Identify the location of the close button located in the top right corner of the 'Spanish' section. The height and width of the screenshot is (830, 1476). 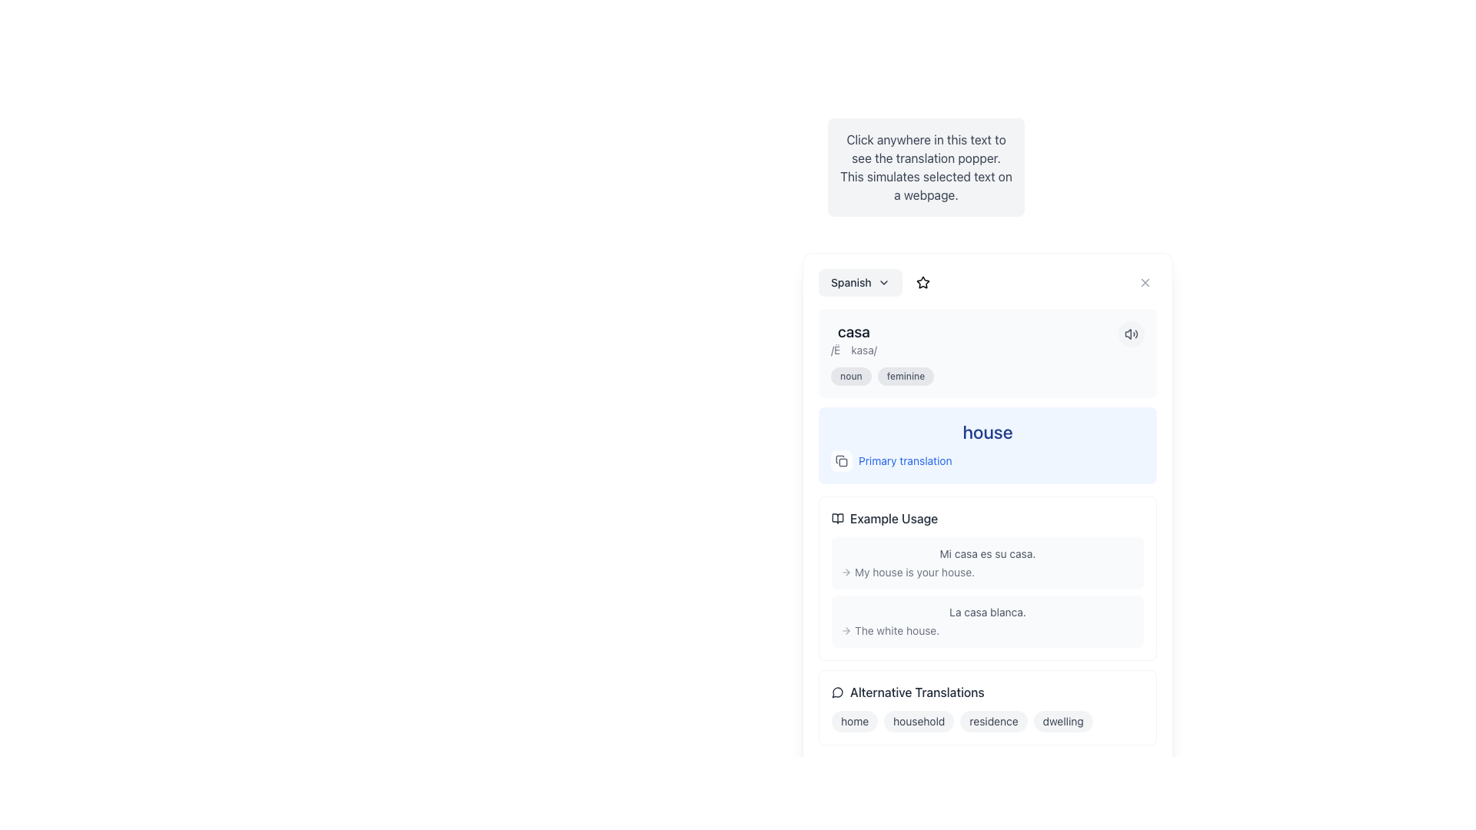
(1145, 282).